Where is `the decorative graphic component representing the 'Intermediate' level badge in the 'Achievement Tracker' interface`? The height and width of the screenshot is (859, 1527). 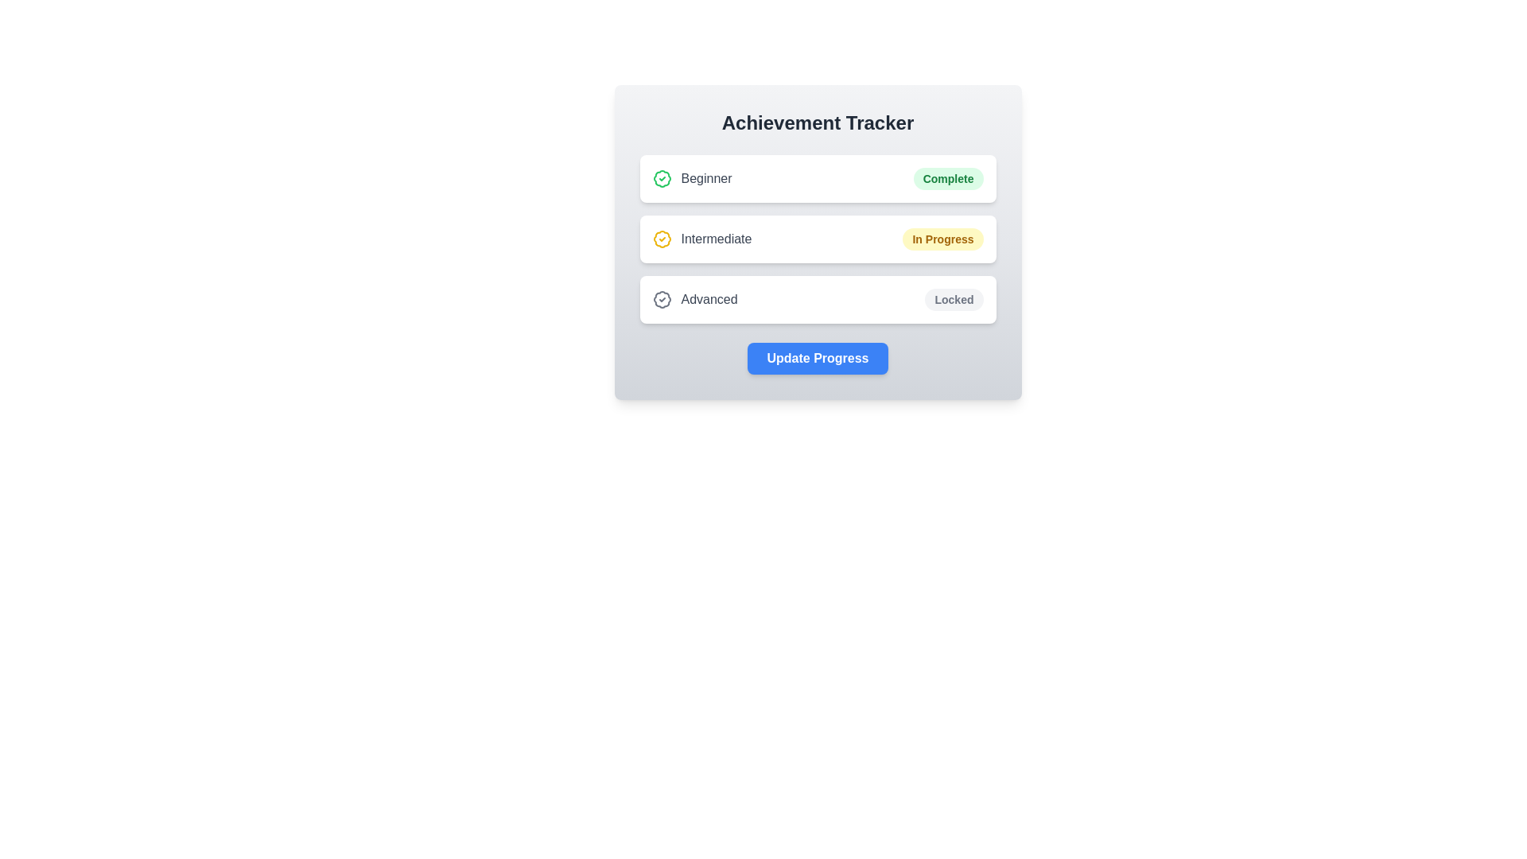 the decorative graphic component representing the 'Intermediate' level badge in the 'Achievement Tracker' interface is located at coordinates (662, 239).